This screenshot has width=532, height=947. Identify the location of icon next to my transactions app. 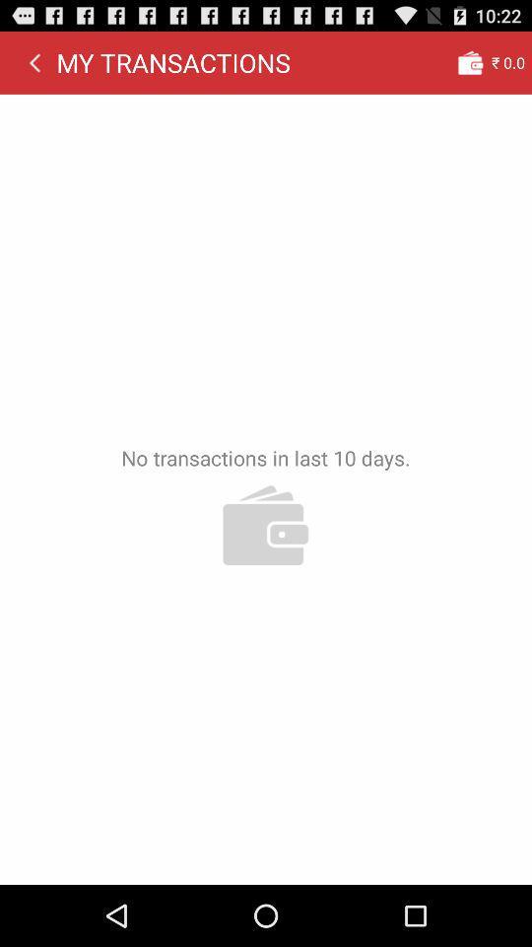
(34, 62).